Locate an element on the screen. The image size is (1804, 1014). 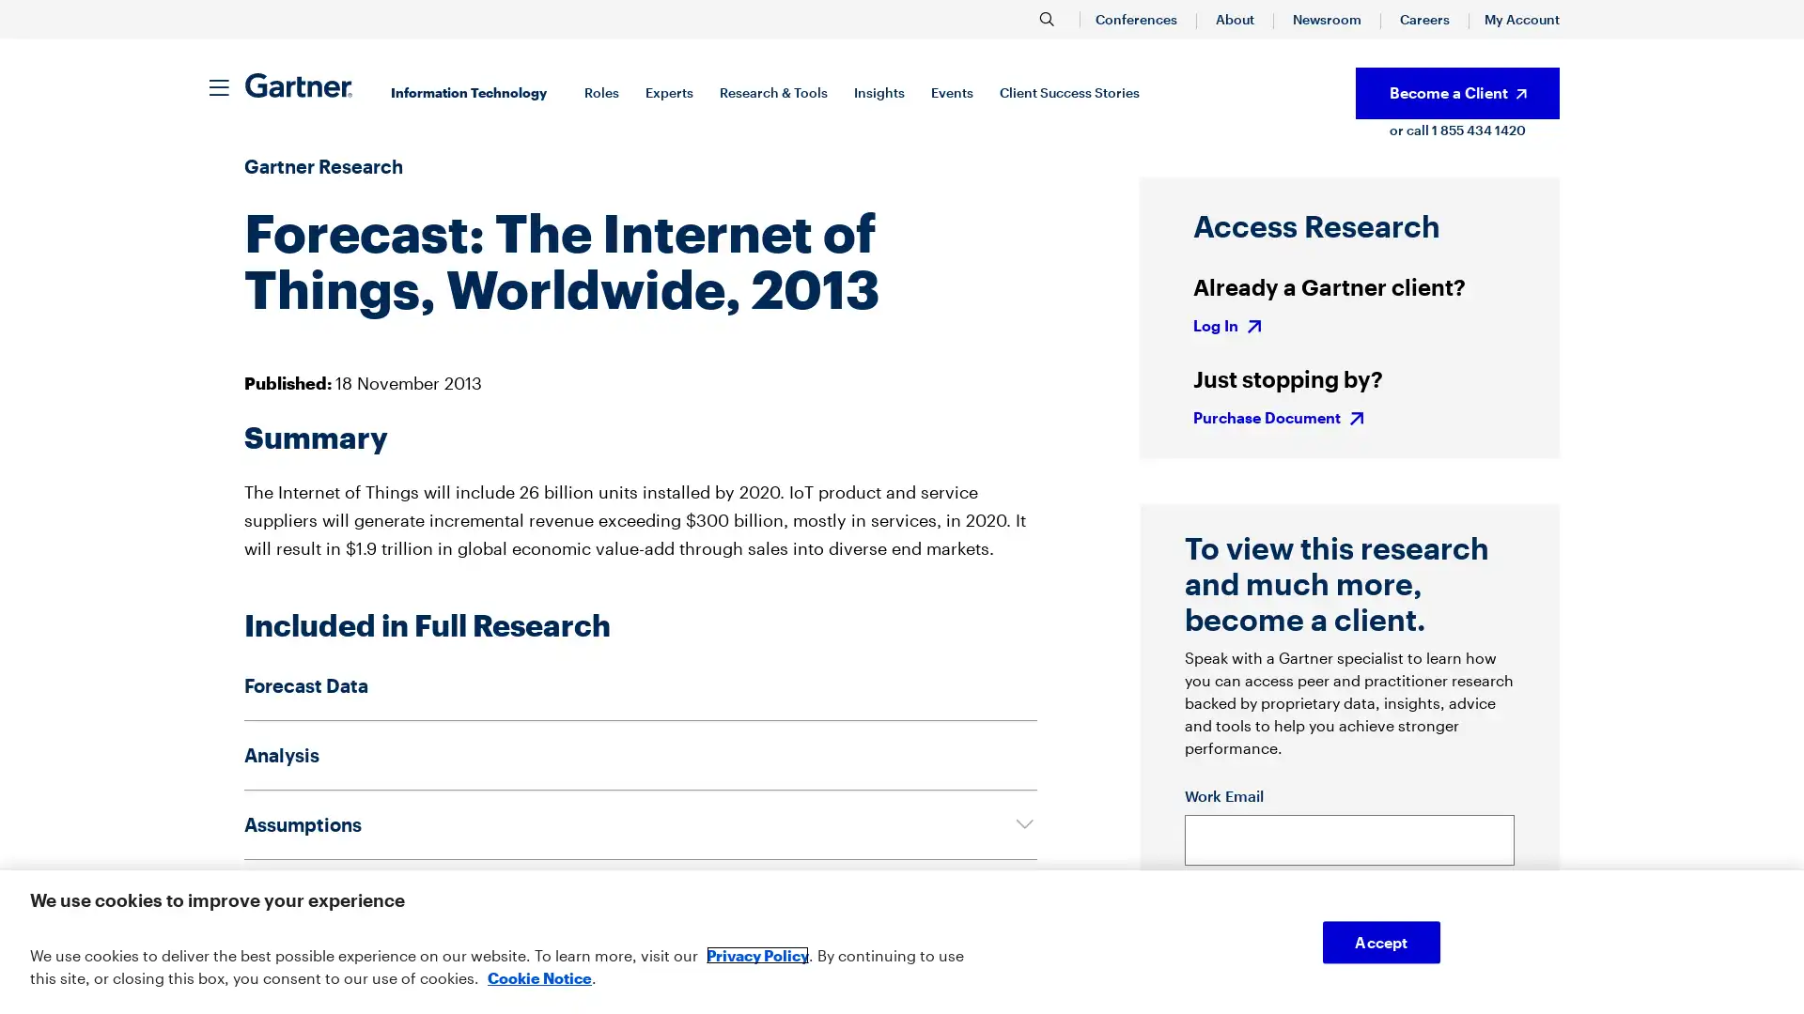
Purchase Document is located at coordinates (1280, 416).